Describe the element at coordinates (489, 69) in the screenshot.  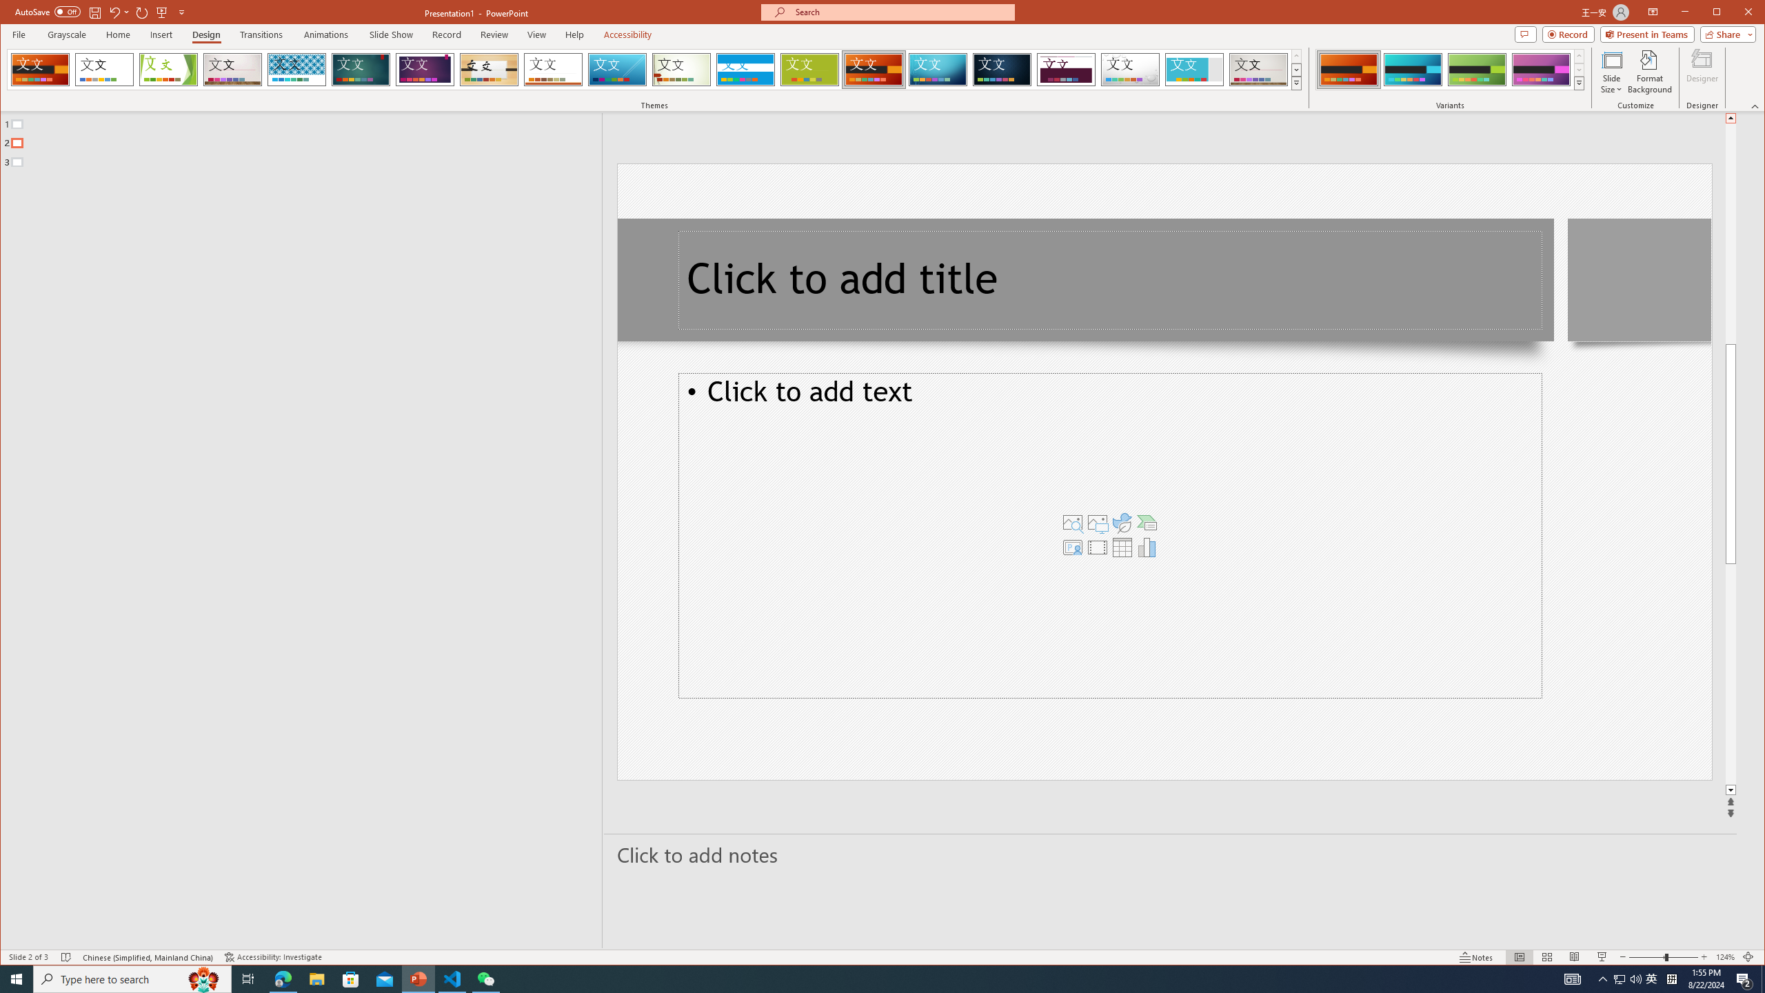
I see `'Organic'` at that location.